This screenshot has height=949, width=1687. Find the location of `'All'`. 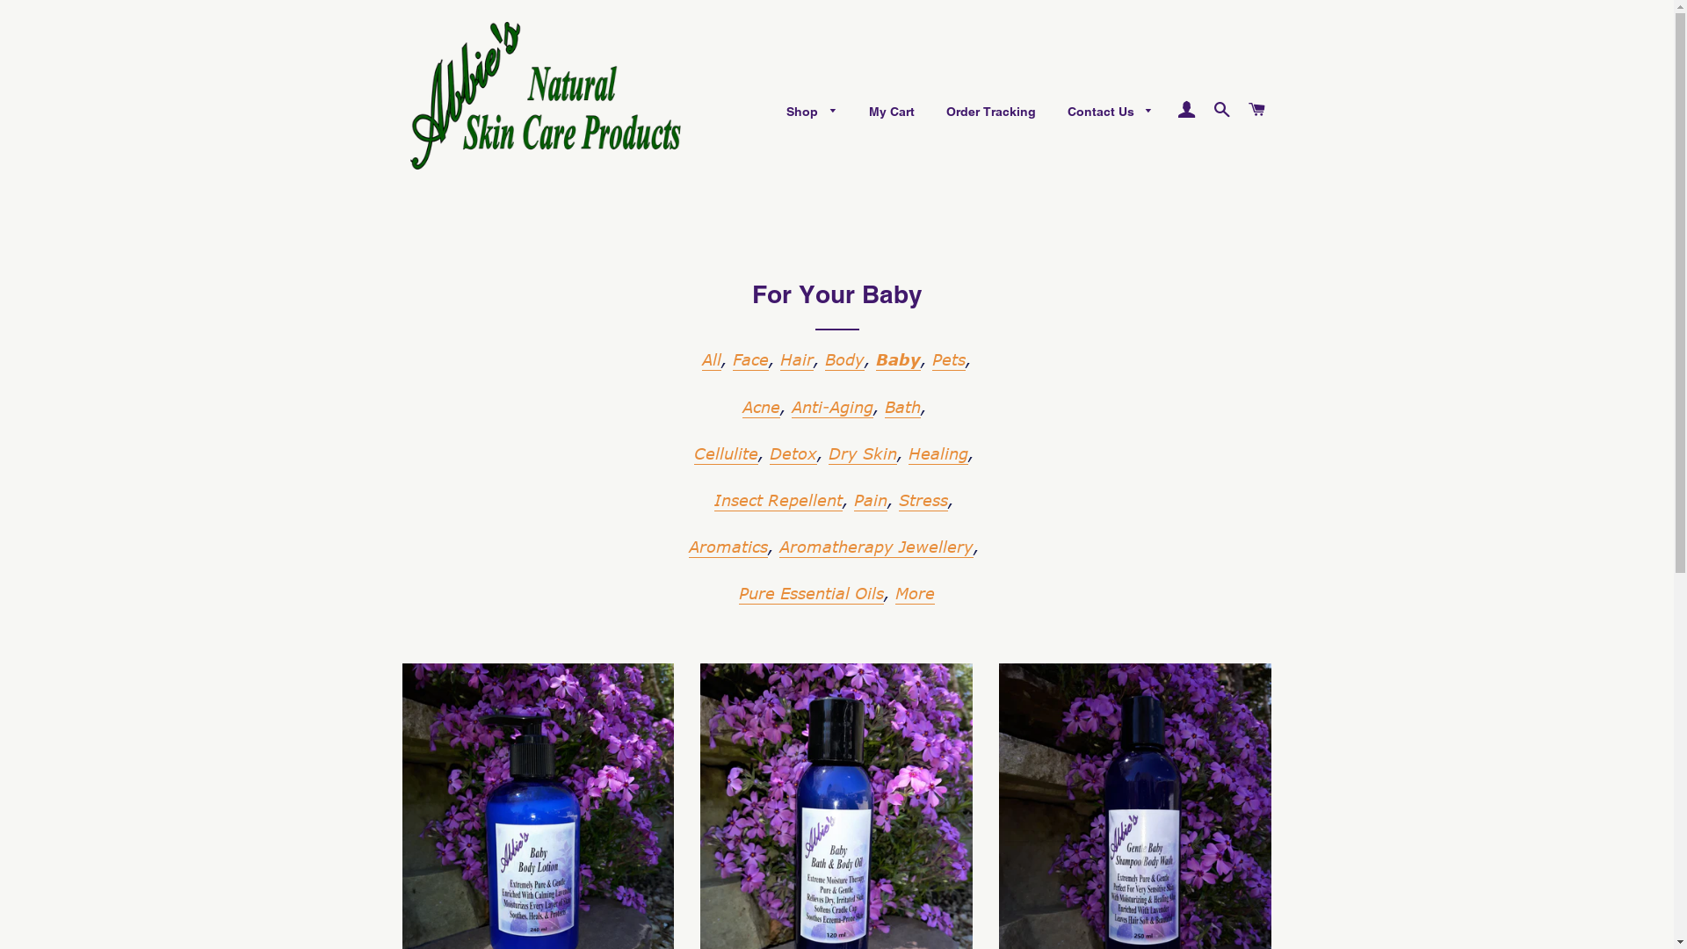

'All' is located at coordinates (712, 359).